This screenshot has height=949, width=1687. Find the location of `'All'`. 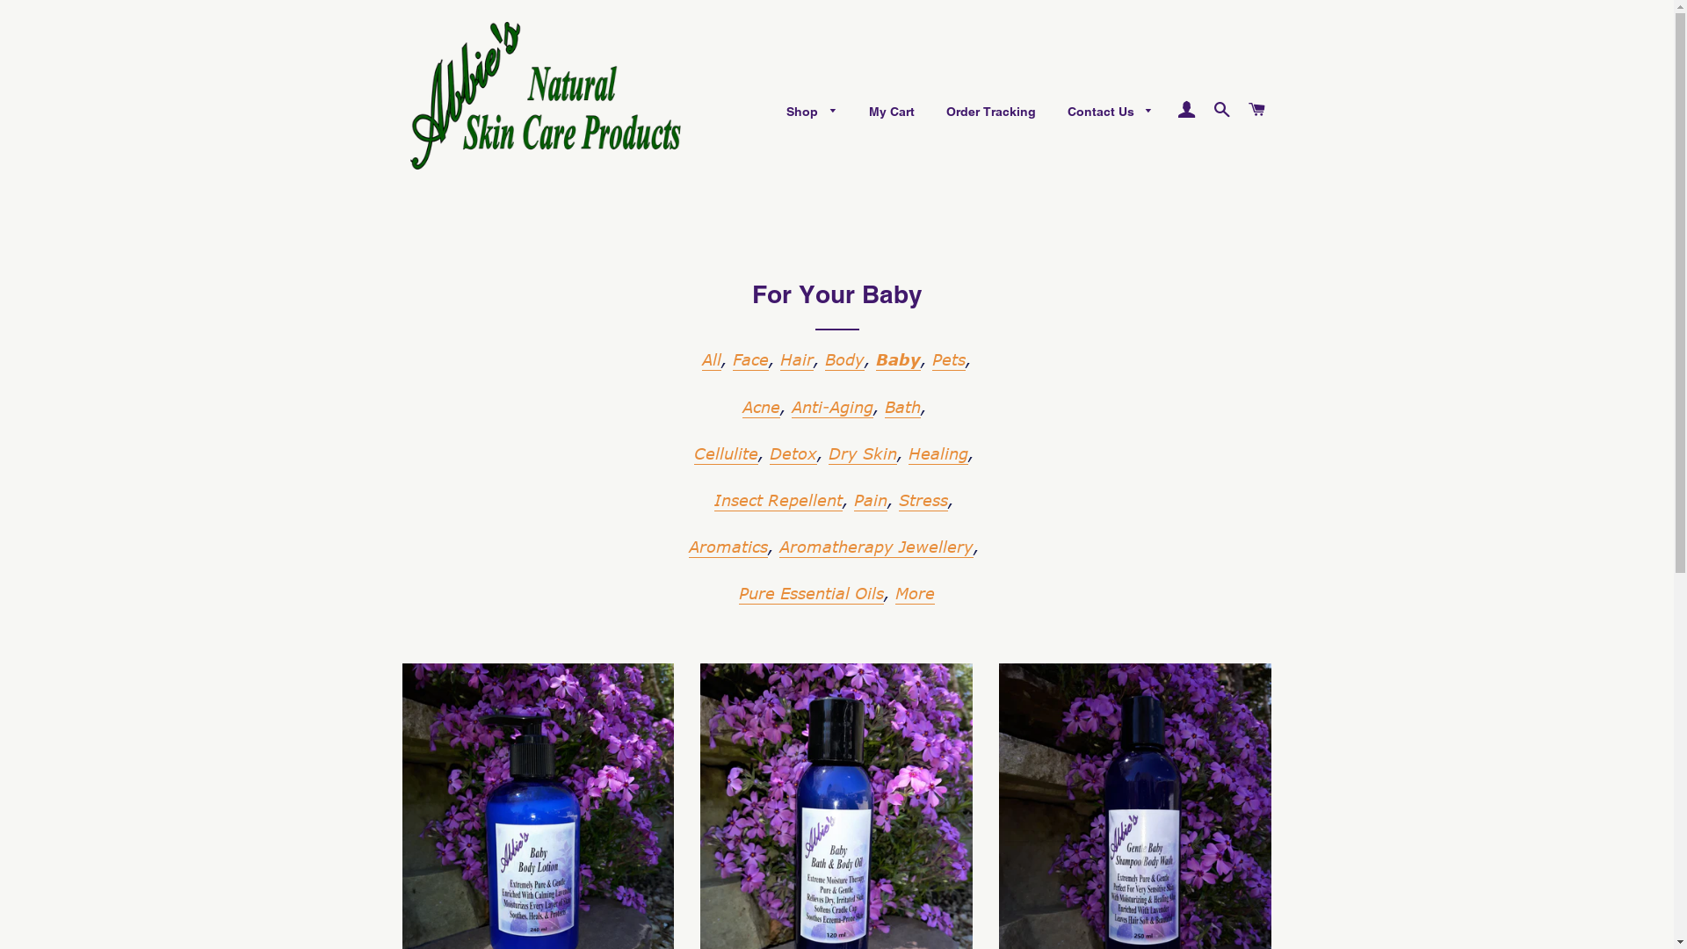

'All' is located at coordinates (712, 359).